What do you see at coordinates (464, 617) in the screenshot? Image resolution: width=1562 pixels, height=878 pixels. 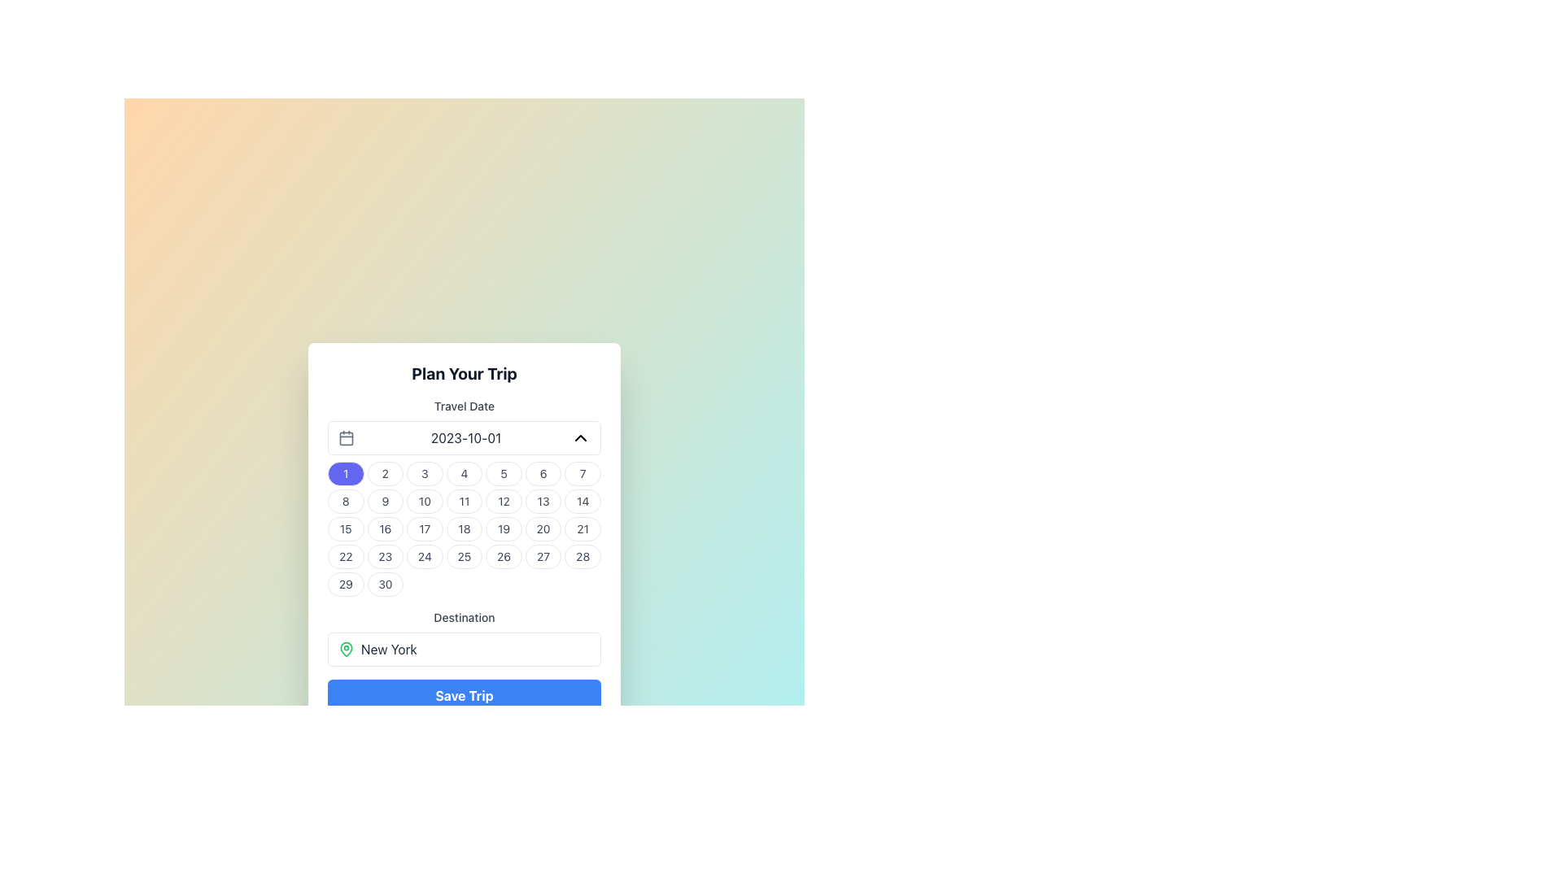 I see `the 'Destination' text label that is styled with a medium-weight gray font, which serves as a descriptor for the destination input field below it` at bounding box center [464, 617].